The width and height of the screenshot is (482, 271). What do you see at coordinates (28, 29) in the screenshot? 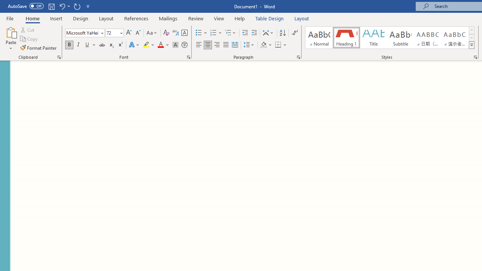
I see `'Cut'` at bounding box center [28, 29].